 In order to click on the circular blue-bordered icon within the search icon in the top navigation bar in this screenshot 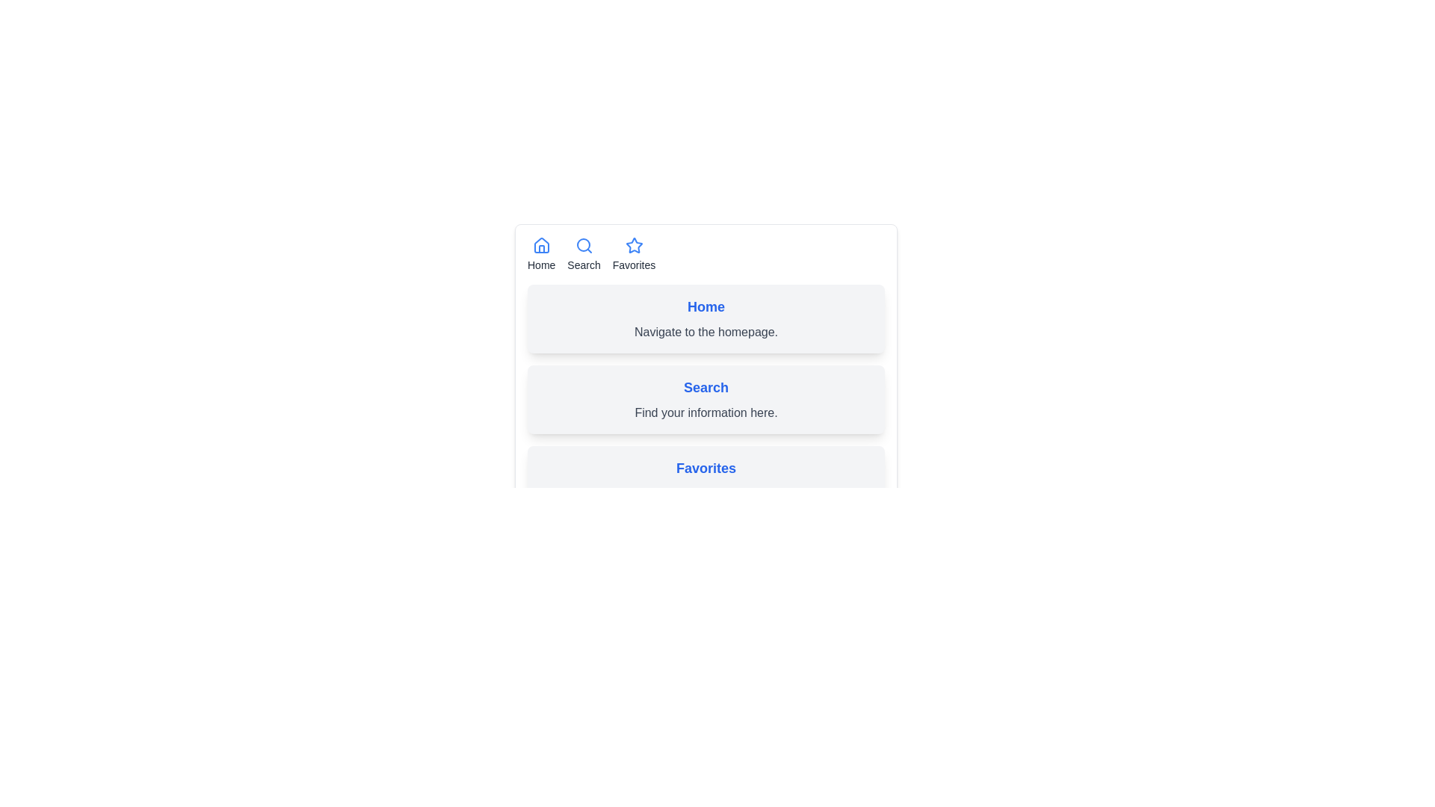, I will do `click(582, 244)`.